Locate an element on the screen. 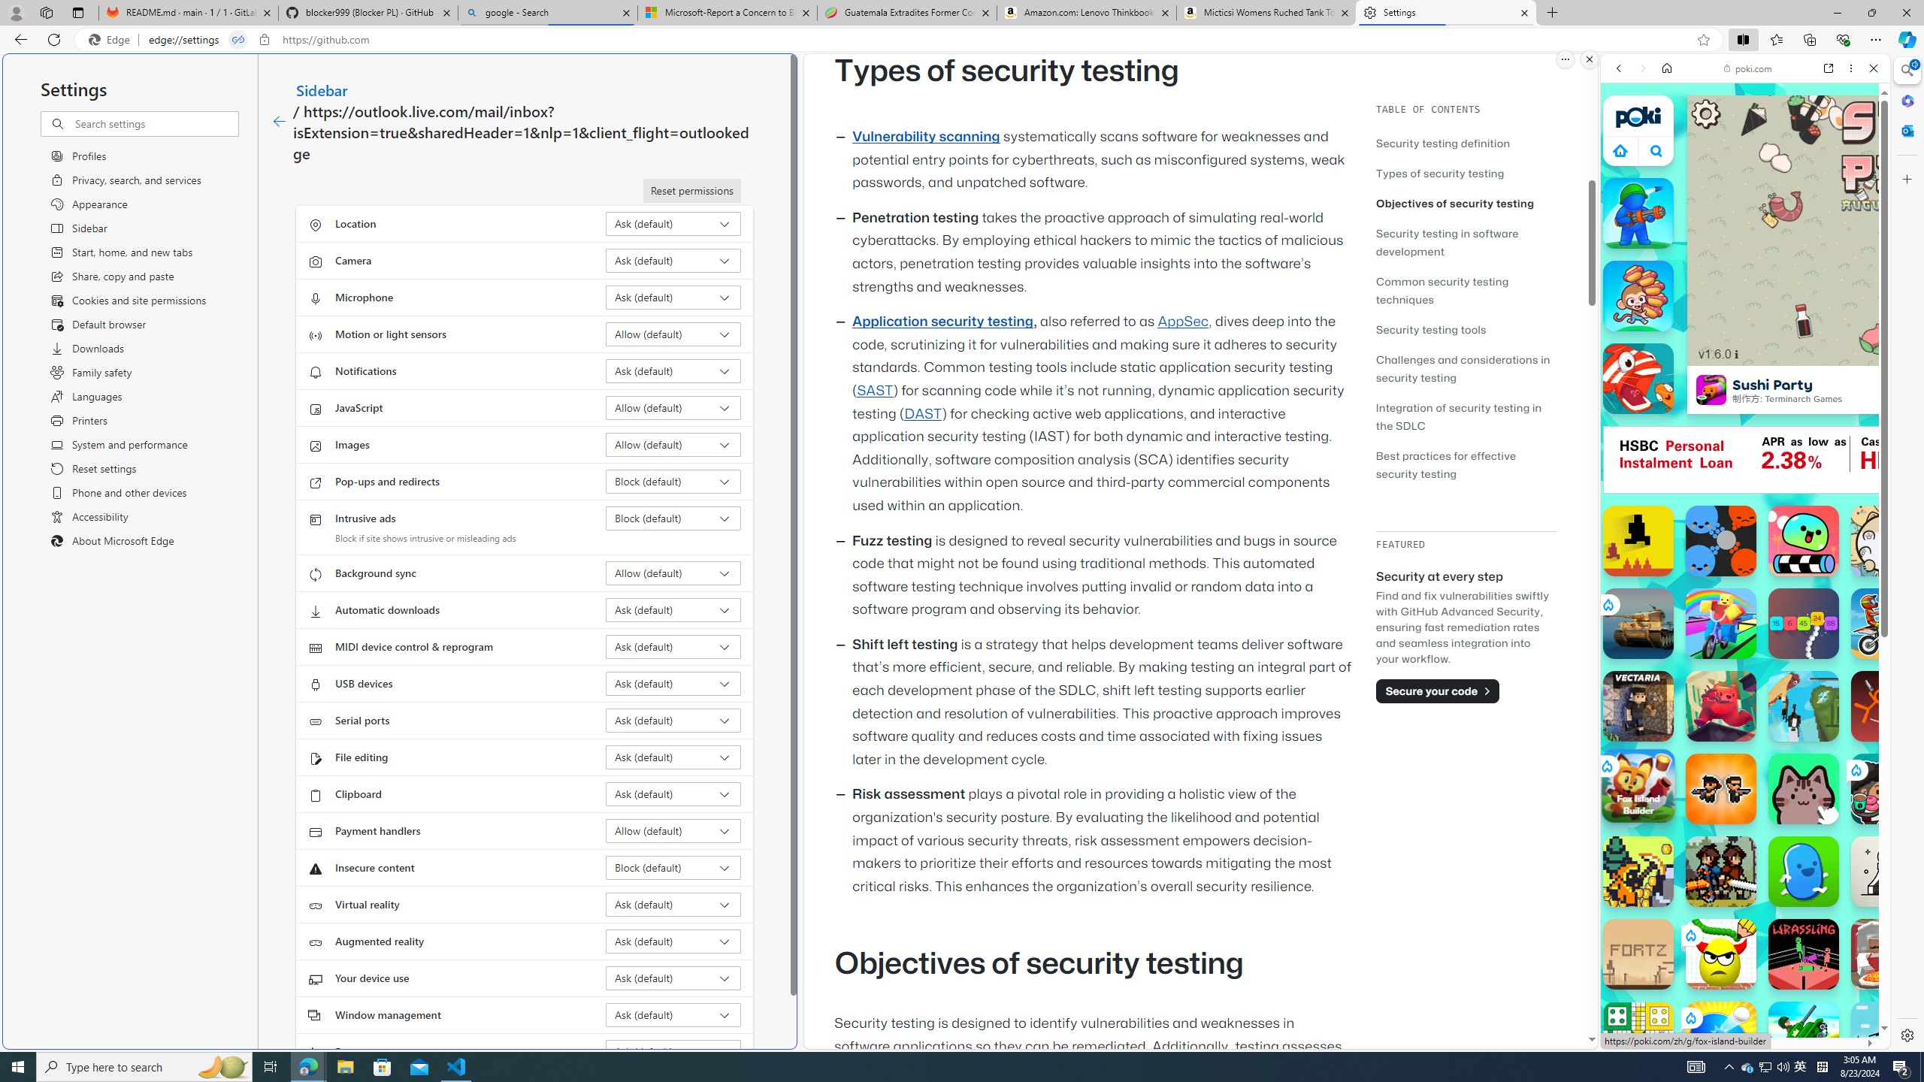 Image resolution: width=1924 pixels, height=1082 pixels. 'Intrusive ads Block (default)' is located at coordinates (673, 518).